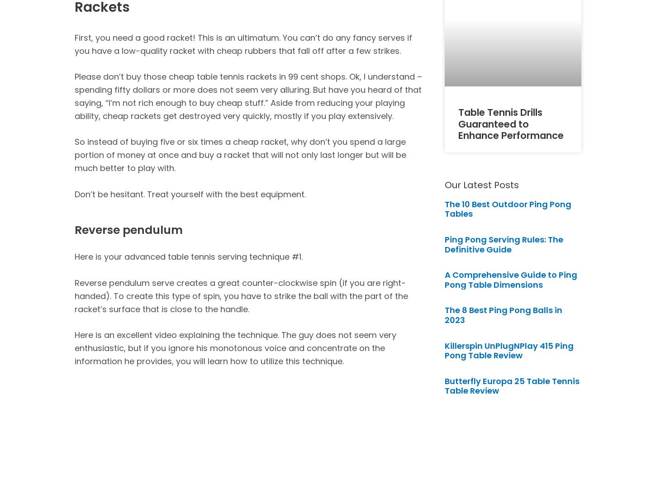 This screenshot has width=656, height=480. What do you see at coordinates (444, 279) in the screenshot?
I see `'A Comprehensive Guide to Ping Pong Table Dimensions'` at bounding box center [444, 279].